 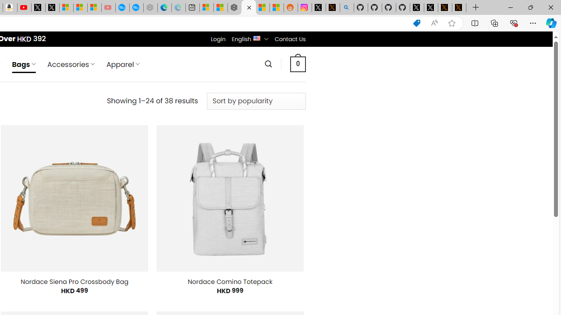 I want to click on 'Minimize', so click(x=510, y=7).